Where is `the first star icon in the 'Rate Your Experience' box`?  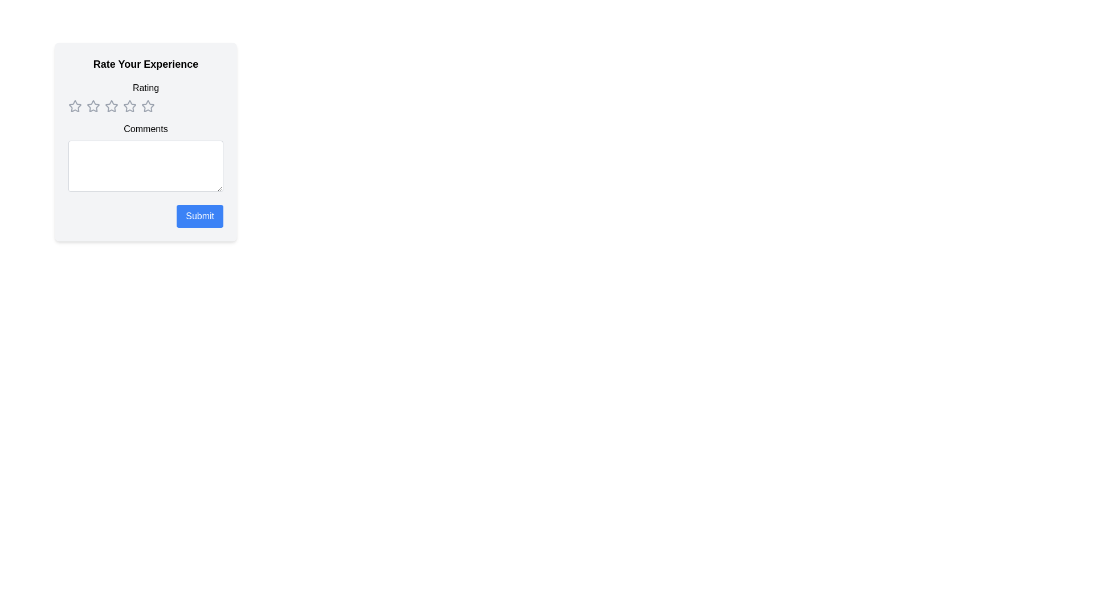
the first star icon in the 'Rate Your Experience' box is located at coordinates (75, 106).